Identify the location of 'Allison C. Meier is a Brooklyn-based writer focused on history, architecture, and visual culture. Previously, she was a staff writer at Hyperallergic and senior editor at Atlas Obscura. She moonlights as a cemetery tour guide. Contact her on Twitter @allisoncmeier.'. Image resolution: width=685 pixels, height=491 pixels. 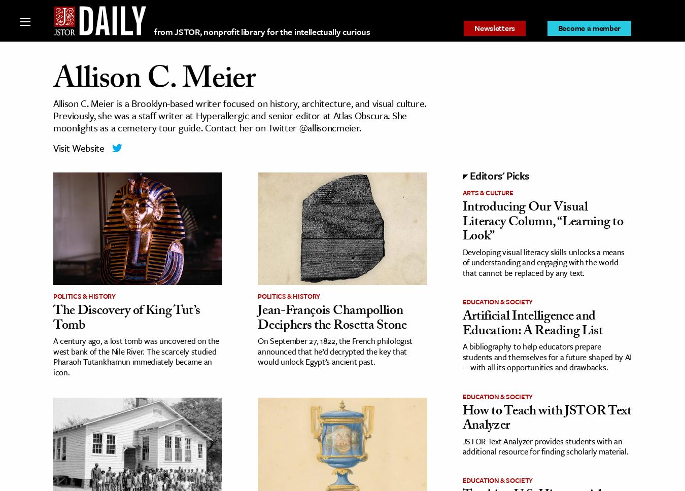
(238, 115).